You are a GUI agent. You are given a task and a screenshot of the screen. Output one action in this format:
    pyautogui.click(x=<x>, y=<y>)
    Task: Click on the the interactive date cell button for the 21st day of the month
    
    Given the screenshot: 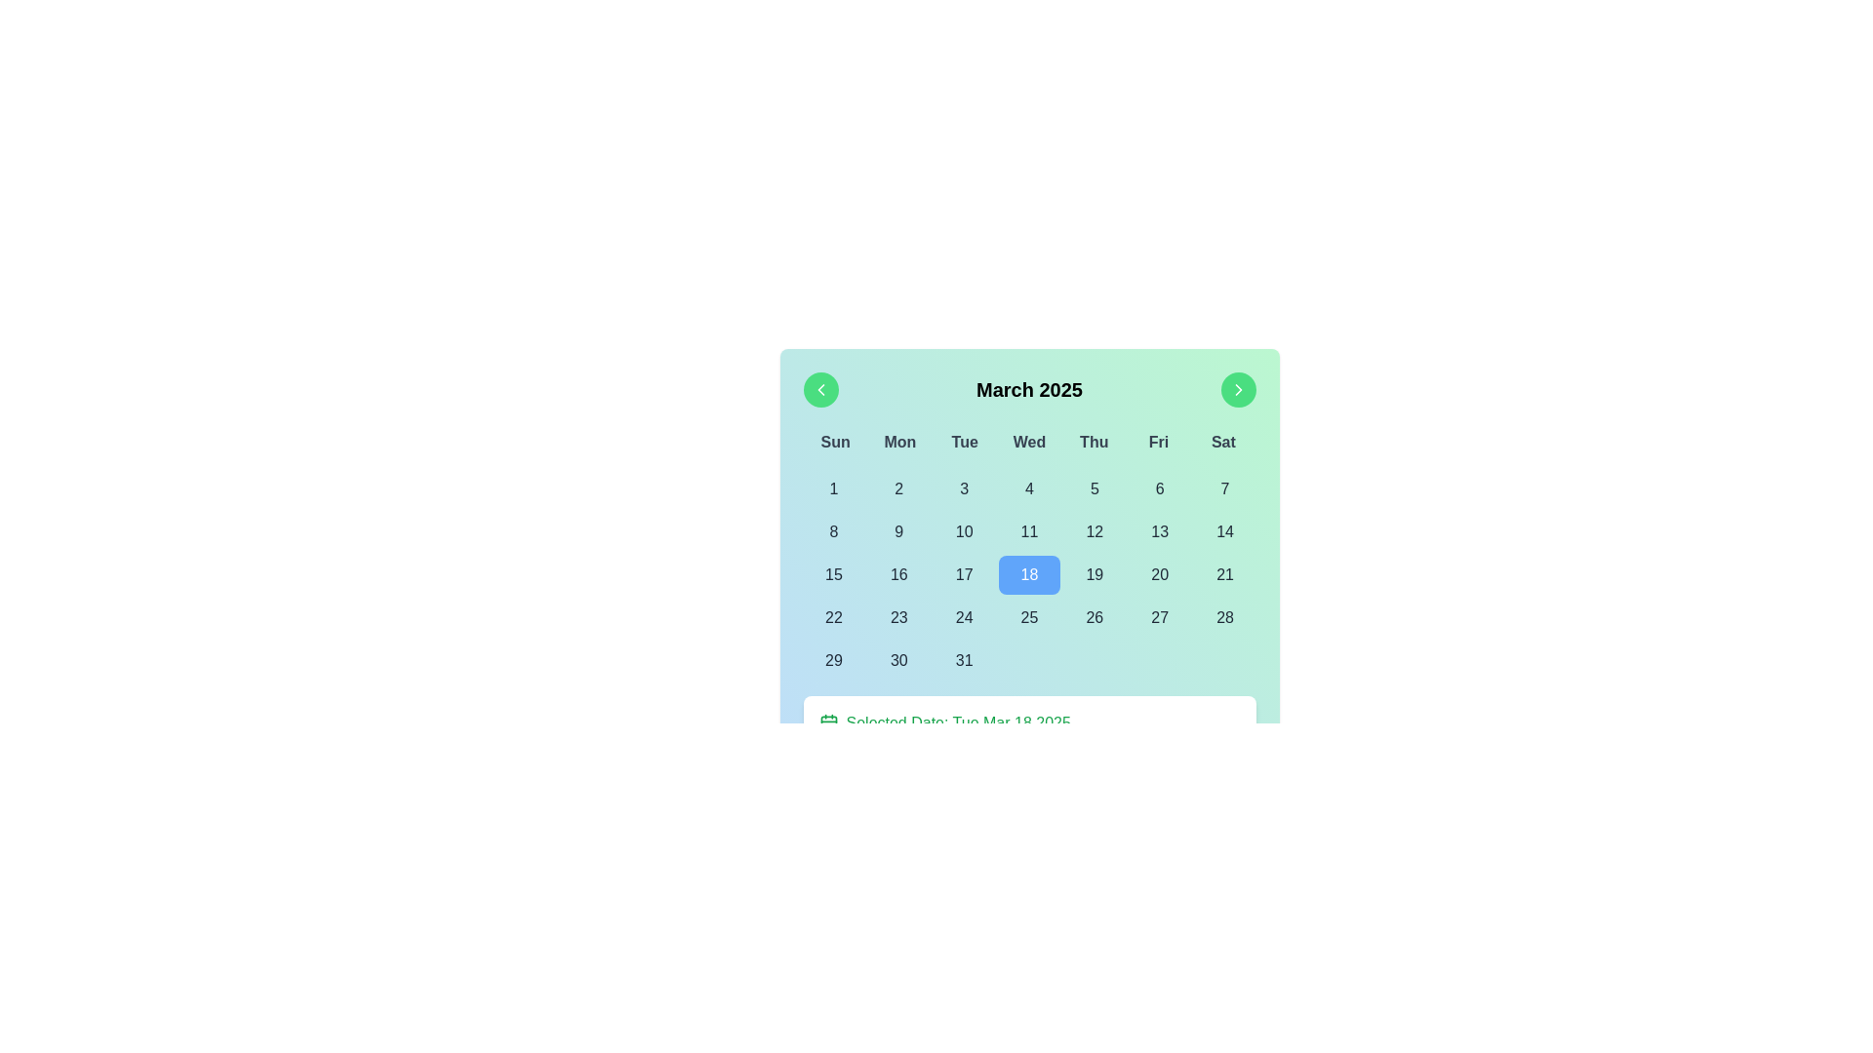 What is the action you would take?
    pyautogui.click(x=1224, y=574)
    